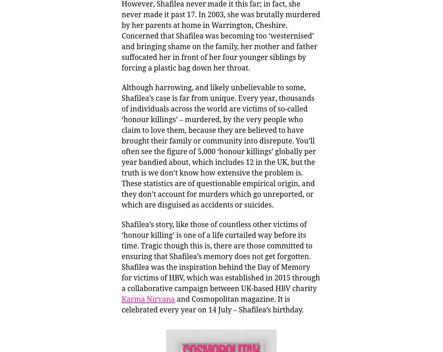 Image resolution: width=443 pixels, height=352 pixels. I want to click on 'The Ahmed Iqbal Ullah Race Relations Resource Centre is an open access library specialising in the study of race, ethnicity and migration. Part of the University of Manchester and based at Manchester Central Library.', so click(119, 75).